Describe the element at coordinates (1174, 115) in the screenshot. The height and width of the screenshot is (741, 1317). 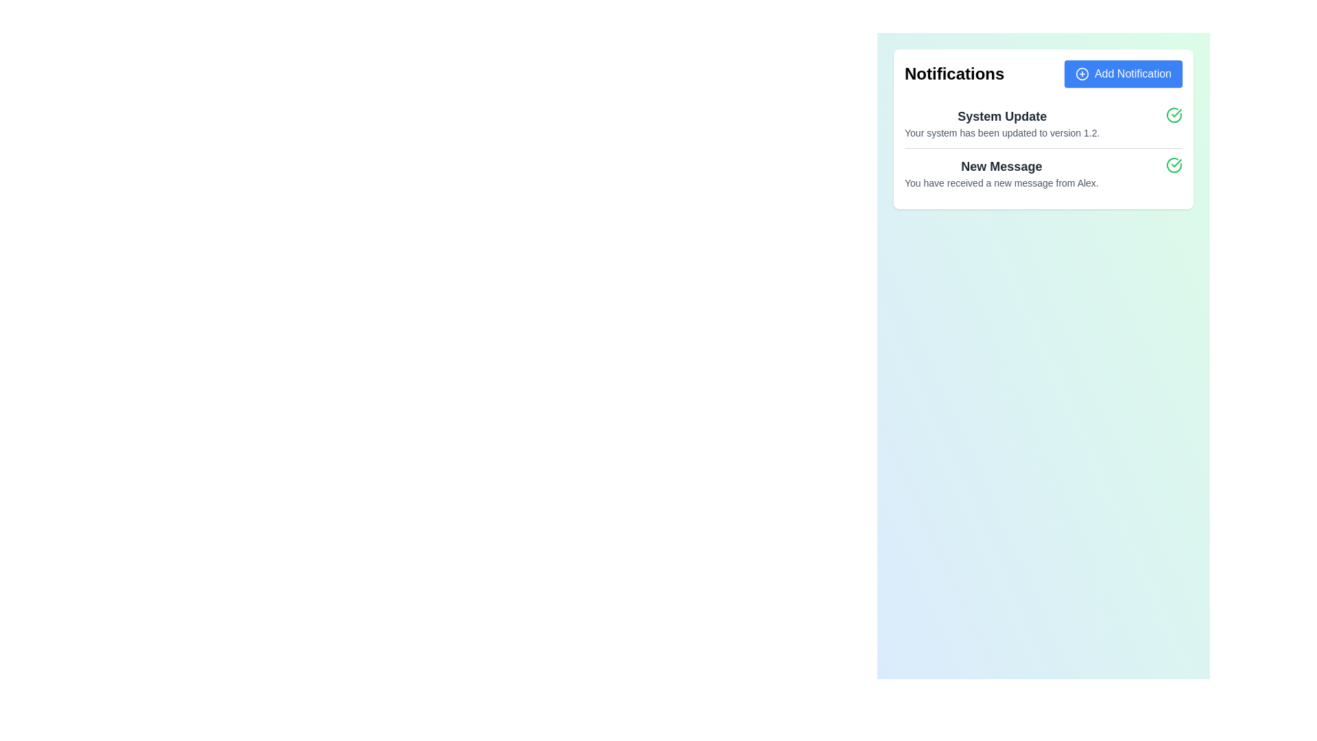
I see `the green checkmark graphic element within the circular icon, which is located to the right of the 'New Message' text` at that location.